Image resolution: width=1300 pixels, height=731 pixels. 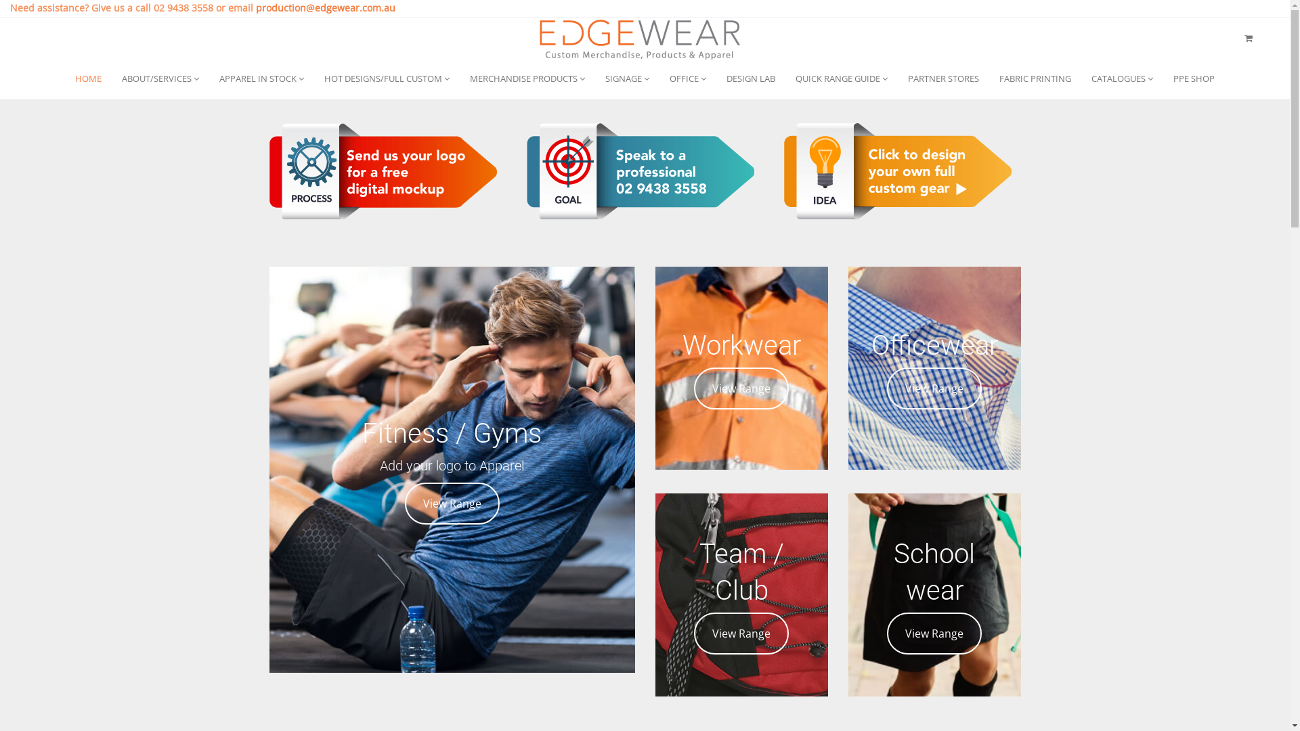 What do you see at coordinates (325, 7) in the screenshot?
I see `'production@edgewear.com.au'` at bounding box center [325, 7].